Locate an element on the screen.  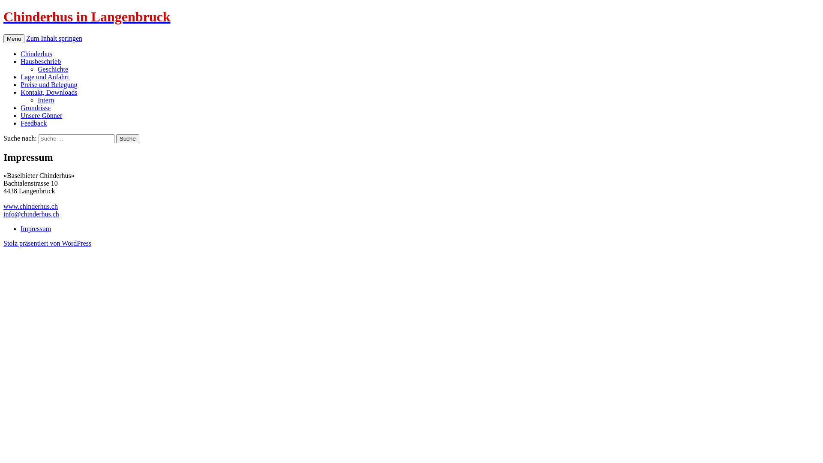
'www.chinderhus.ch' is located at coordinates (30, 206).